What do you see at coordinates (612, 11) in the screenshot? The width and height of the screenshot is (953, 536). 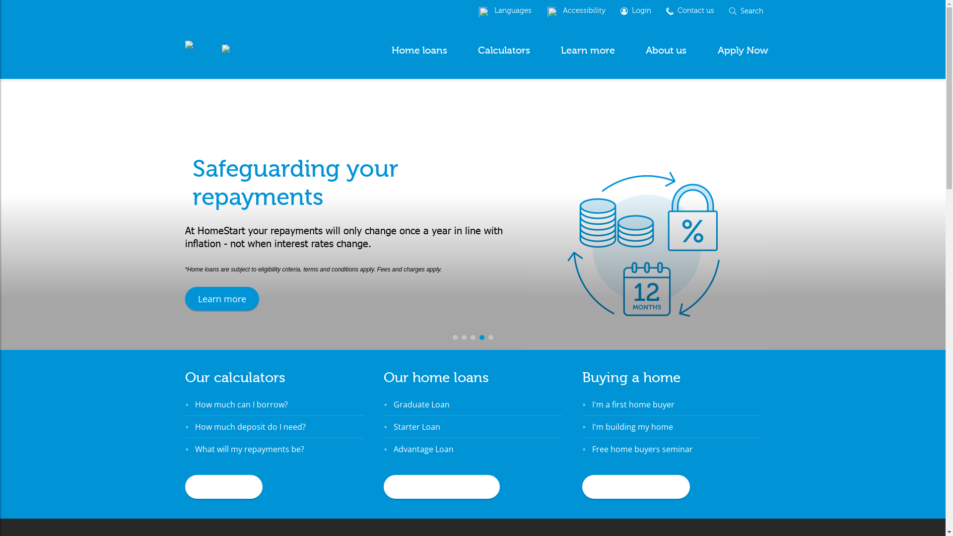 I see `'Login'` at bounding box center [612, 11].